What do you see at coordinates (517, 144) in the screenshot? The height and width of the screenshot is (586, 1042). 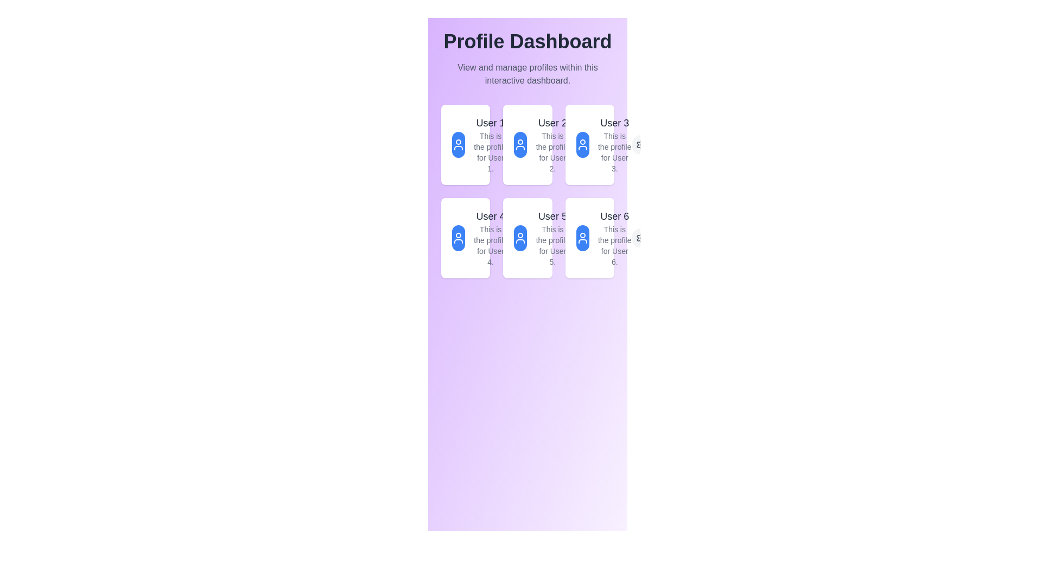 I see `the gear icon button for settings located in the top row, second card from the left` at bounding box center [517, 144].